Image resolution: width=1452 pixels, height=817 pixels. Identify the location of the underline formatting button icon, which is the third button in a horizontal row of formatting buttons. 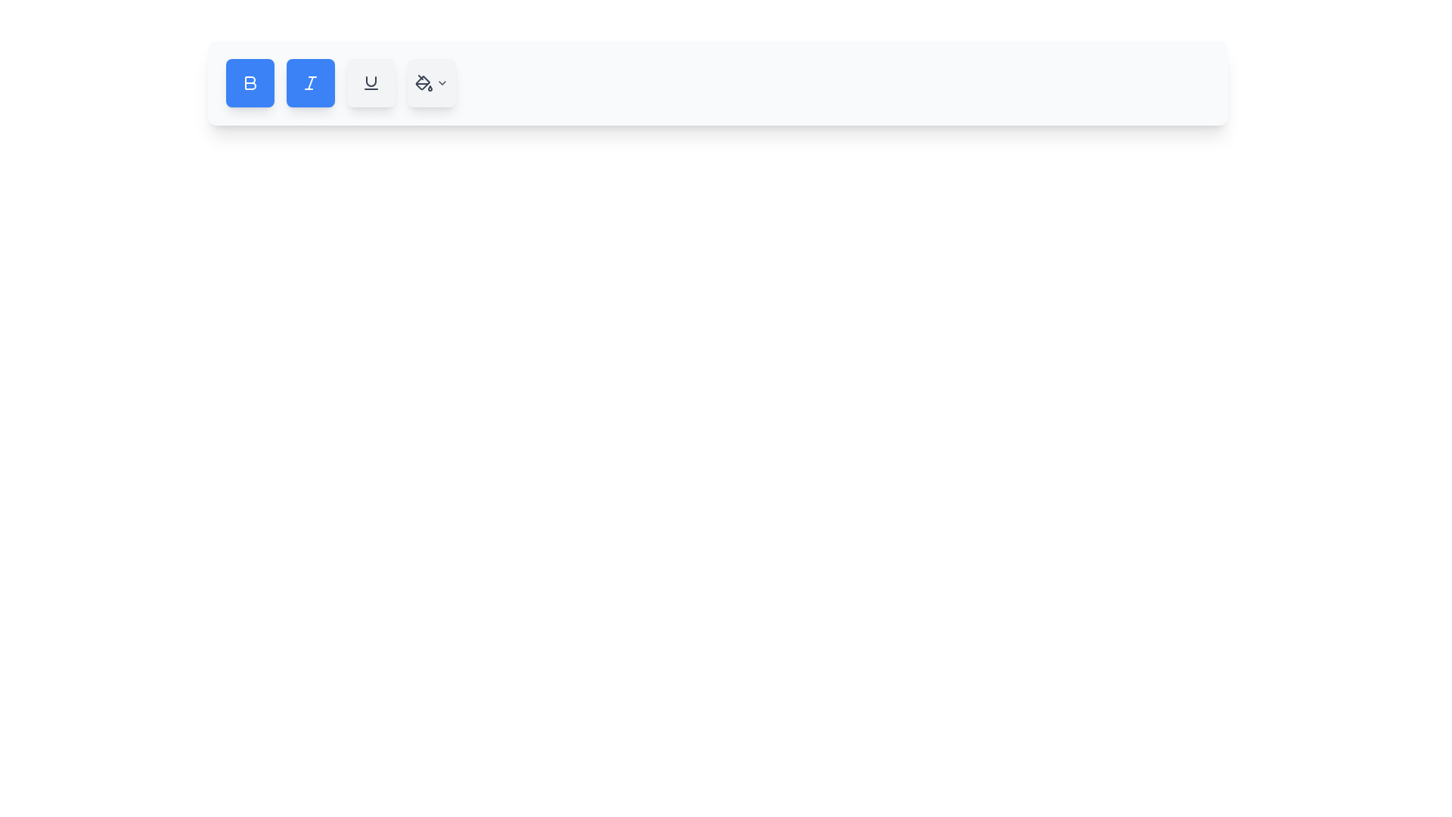
(371, 83).